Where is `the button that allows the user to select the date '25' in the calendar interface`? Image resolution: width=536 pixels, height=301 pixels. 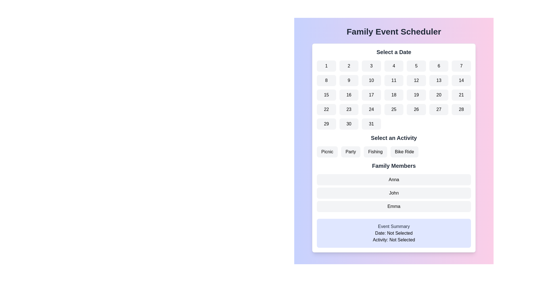
the button that allows the user to select the date '25' in the calendar interface is located at coordinates (394, 110).